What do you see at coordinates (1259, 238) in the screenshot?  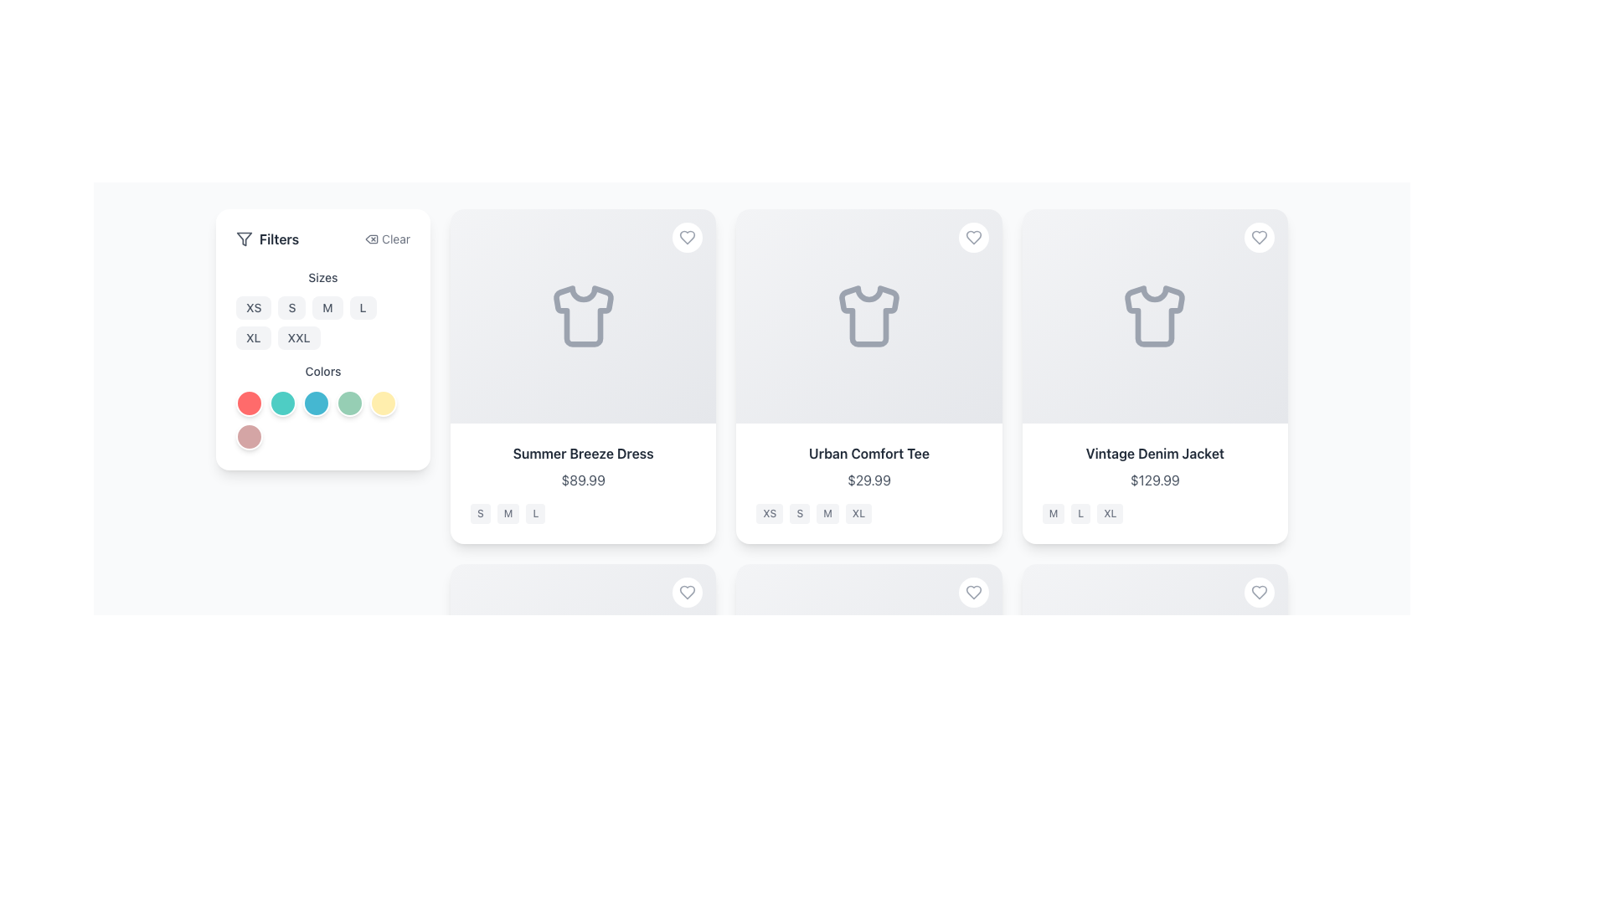 I see `the heart-shaped 'like' button outlined in gray located in the top-right corner of the 'Vintage Denim Jacket' card` at bounding box center [1259, 238].